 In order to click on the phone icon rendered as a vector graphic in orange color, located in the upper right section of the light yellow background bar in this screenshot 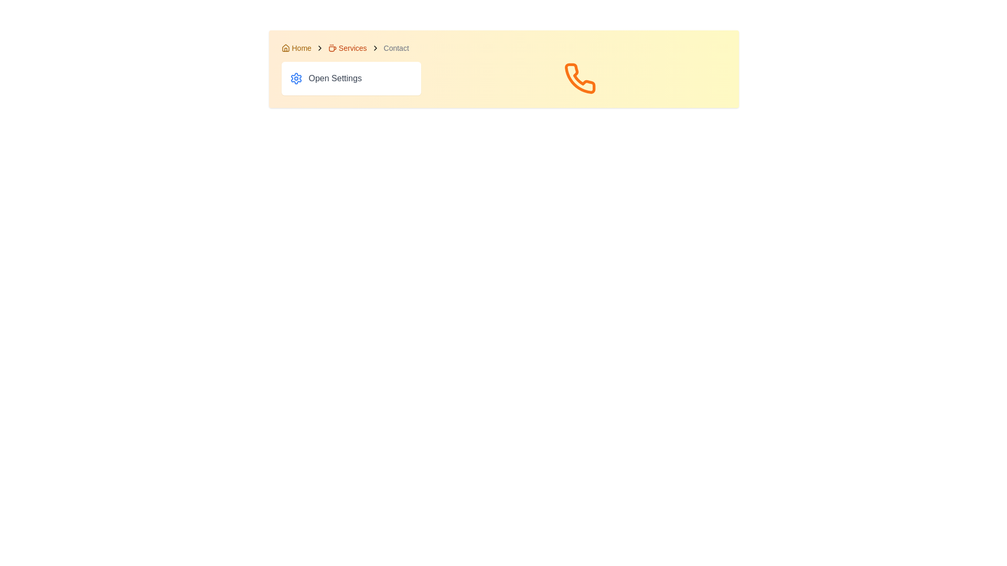, I will do `click(579, 78)`.